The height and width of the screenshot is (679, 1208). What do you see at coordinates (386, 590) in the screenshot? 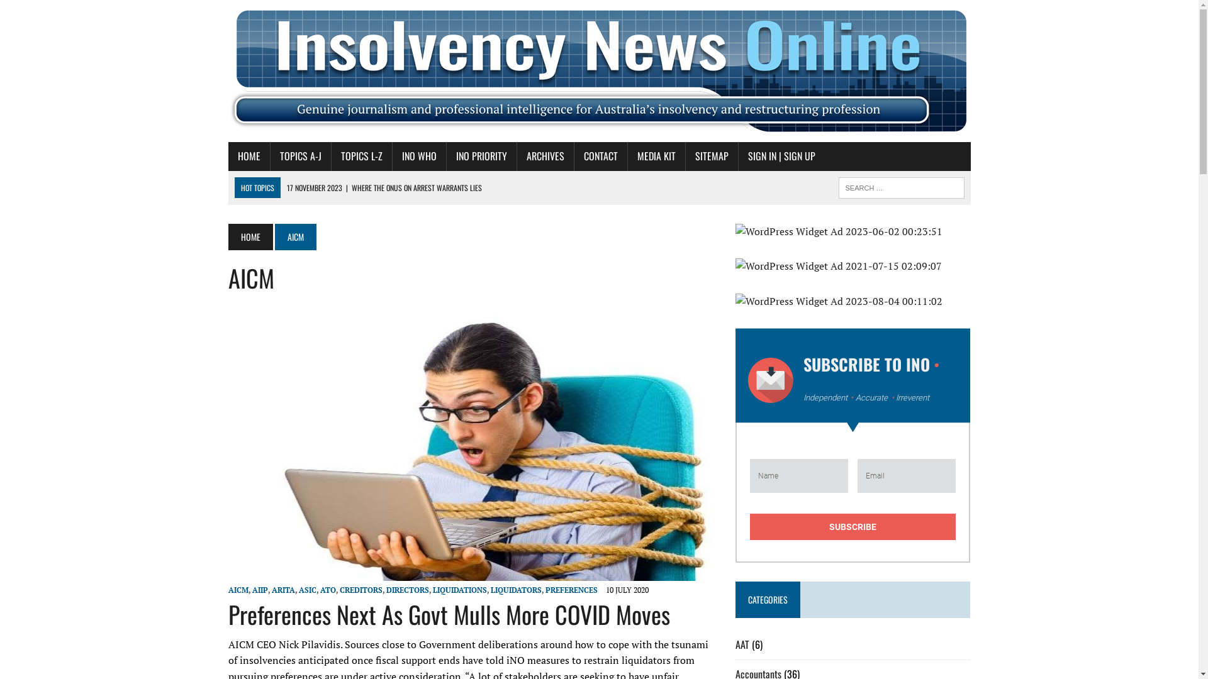
I see `'DIRECTORS'` at bounding box center [386, 590].